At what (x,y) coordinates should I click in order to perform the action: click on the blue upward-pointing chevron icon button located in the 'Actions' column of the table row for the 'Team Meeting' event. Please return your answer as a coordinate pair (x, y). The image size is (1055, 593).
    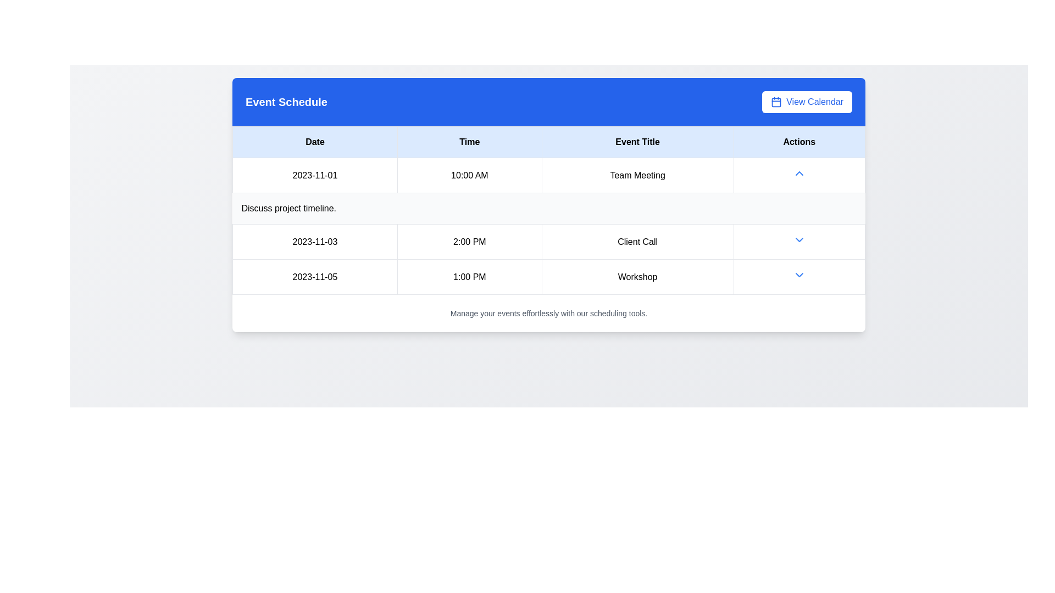
    Looking at the image, I should click on (799, 175).